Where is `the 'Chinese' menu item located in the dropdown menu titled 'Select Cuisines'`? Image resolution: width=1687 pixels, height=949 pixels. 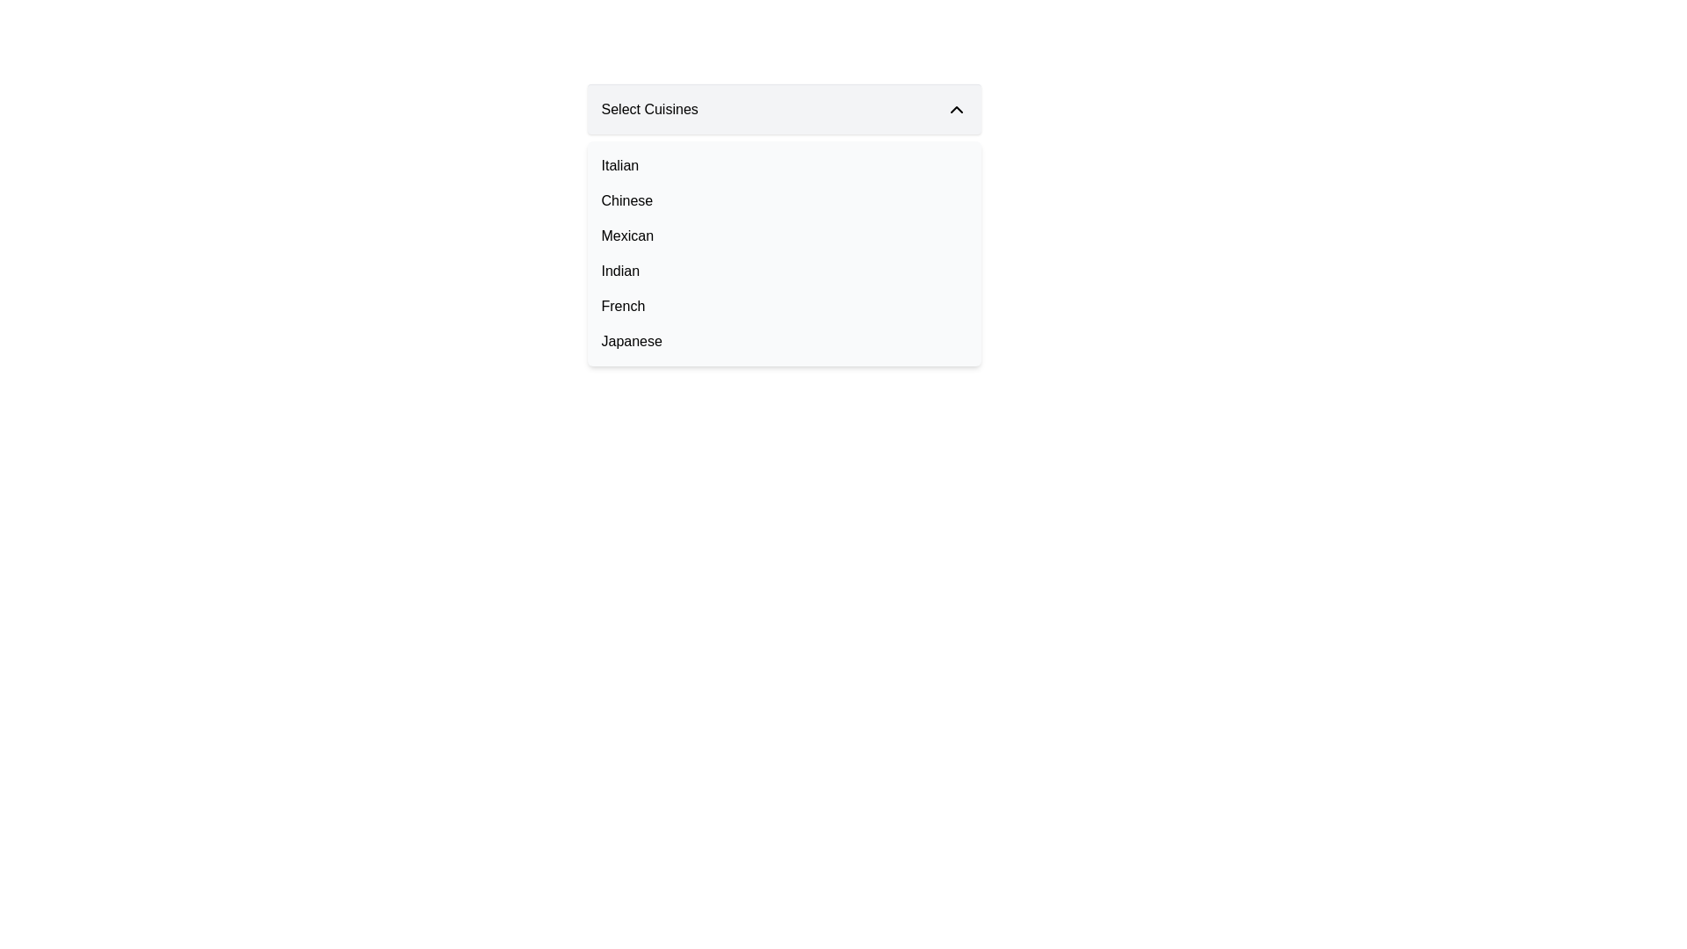 the 'Chinese' menu item located in the dropdown menu titled 'Select Cuisines' is located at coordinates (783, 199).